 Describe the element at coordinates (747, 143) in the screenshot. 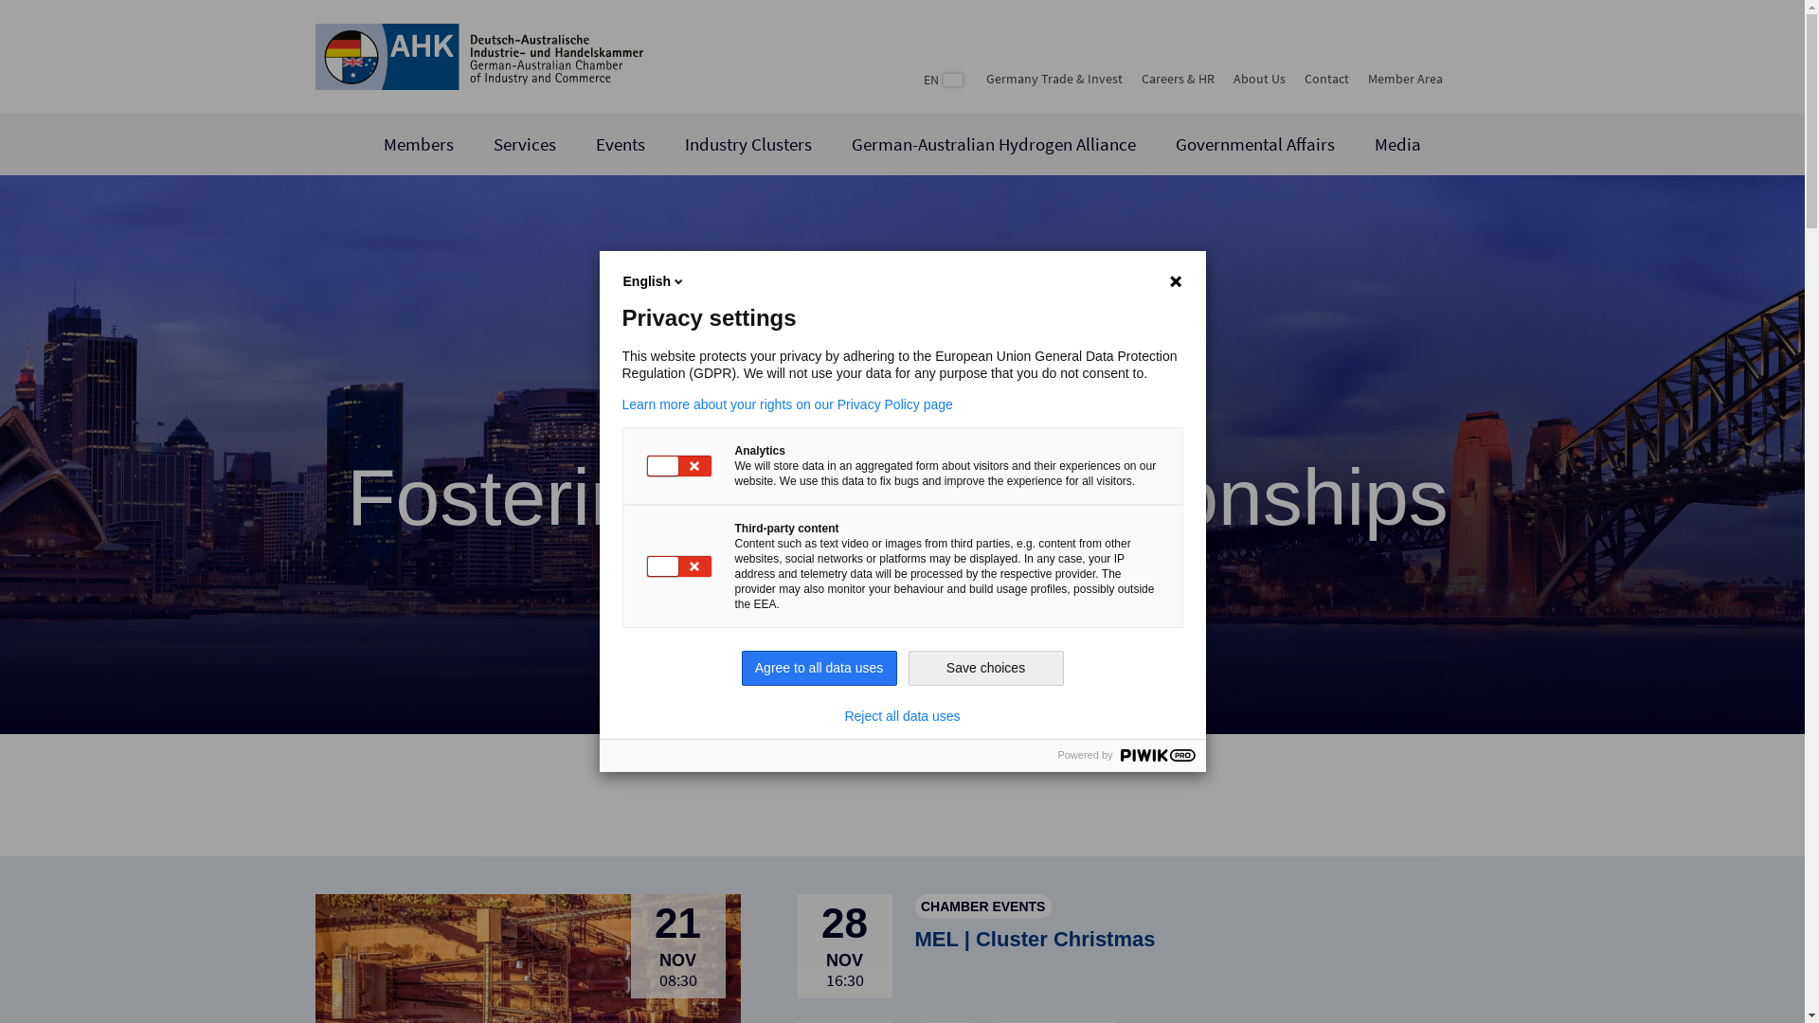

I see `'Industry Clusters'` at that location.